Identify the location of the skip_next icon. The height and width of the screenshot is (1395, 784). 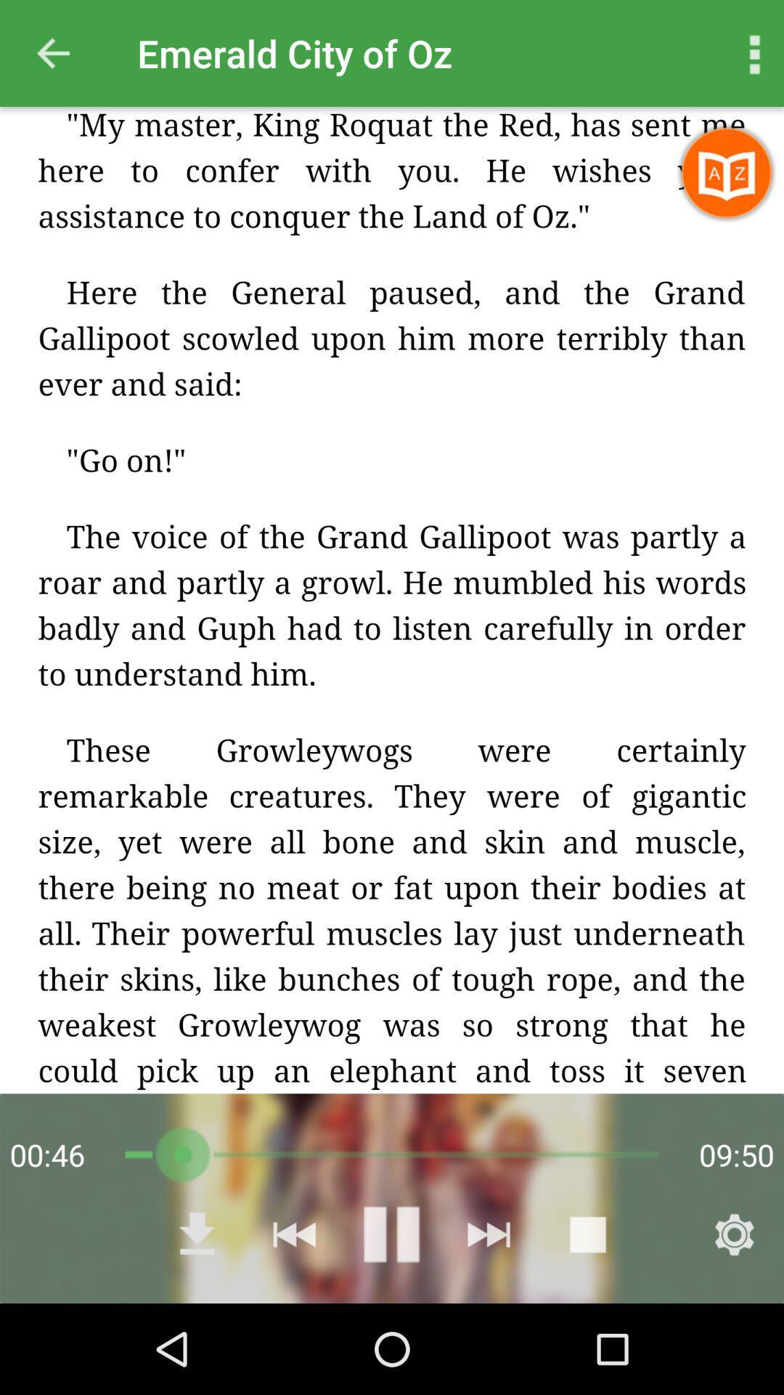
(489, 1234).